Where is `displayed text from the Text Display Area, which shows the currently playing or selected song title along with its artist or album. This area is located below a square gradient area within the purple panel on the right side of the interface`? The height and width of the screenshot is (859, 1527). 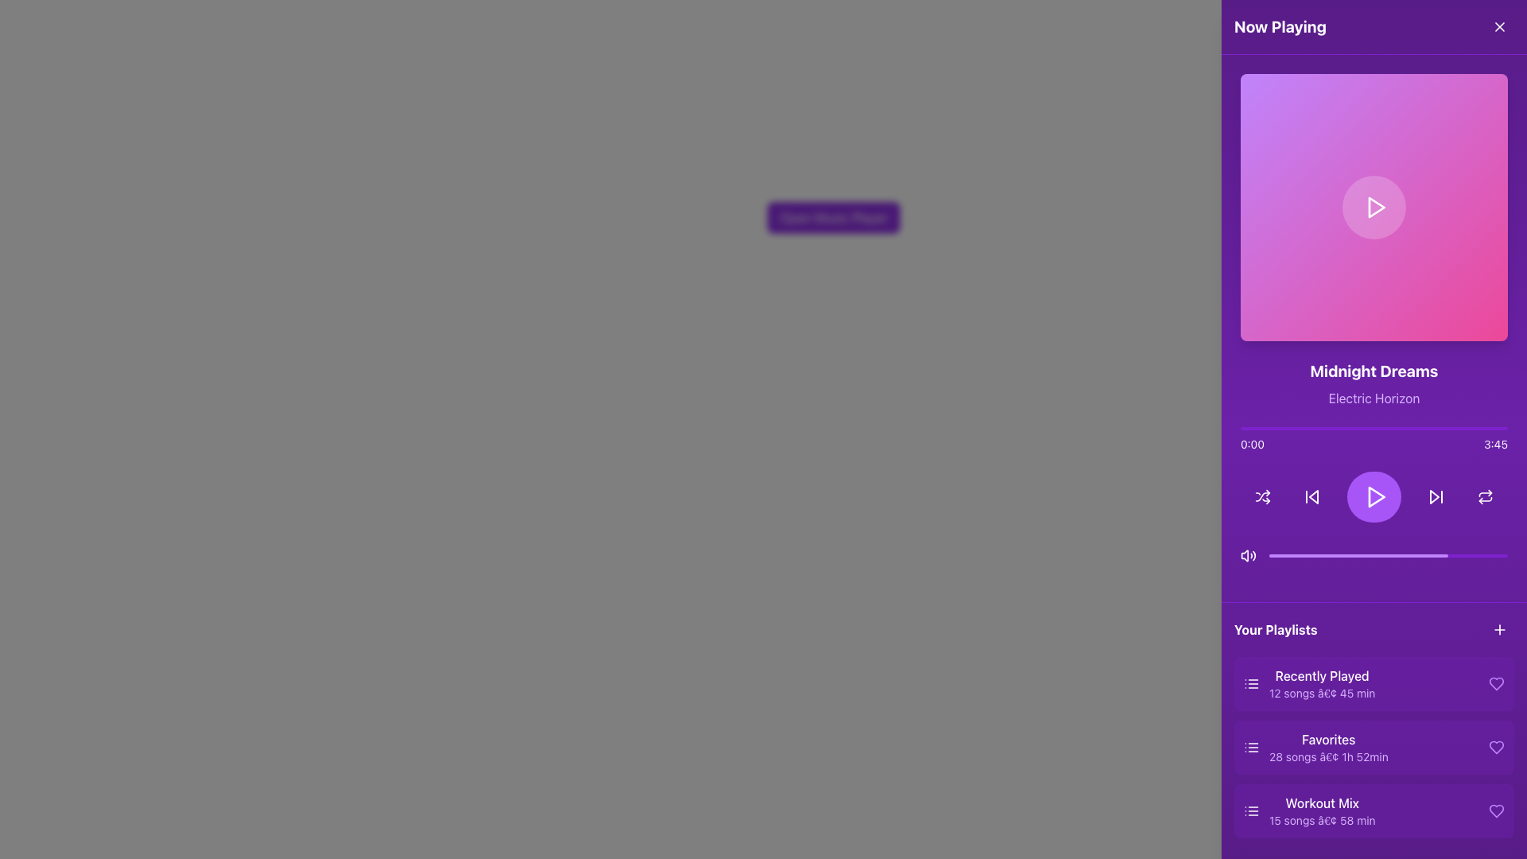
displayed text from the Text Display Area, which shows the currently playing or selected song title along with its artist or album. This area is located below a square gradient area within the purple panel on the right side of the interface is located at coordinates (1374, 383).